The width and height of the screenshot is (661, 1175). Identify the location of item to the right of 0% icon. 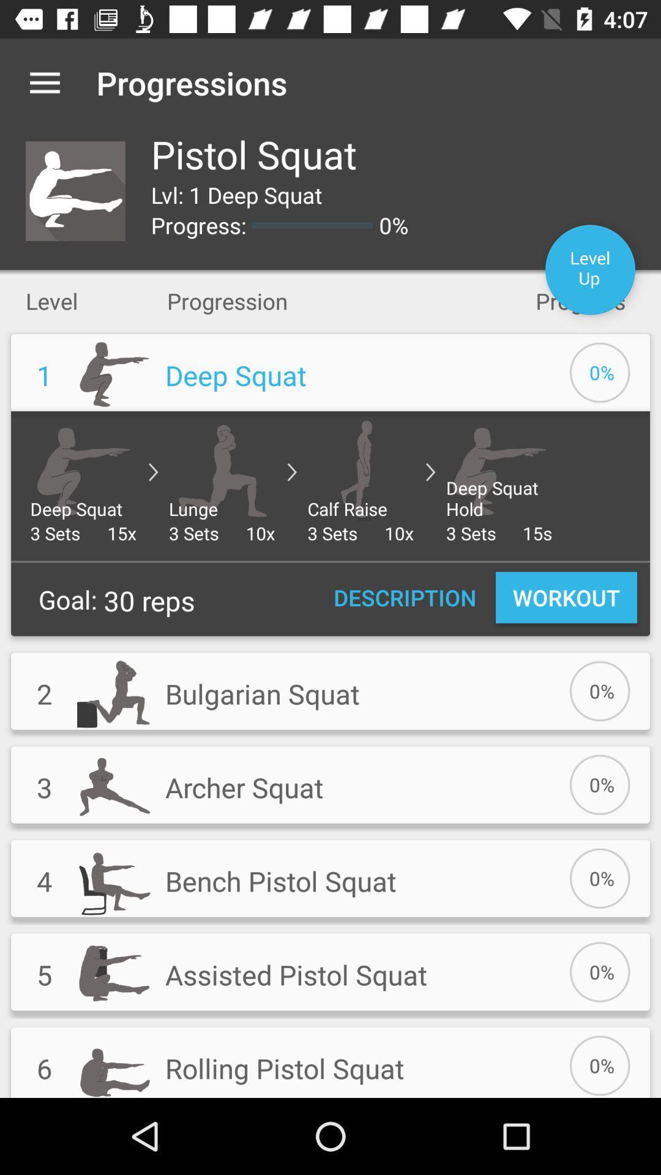
(589, 269).